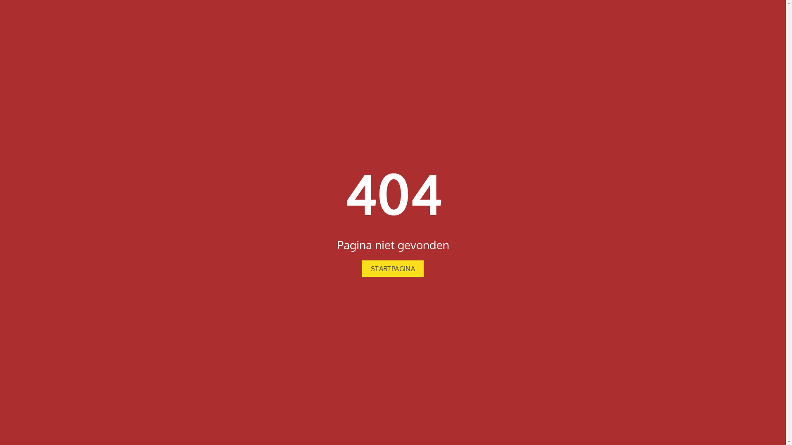 The width and height of the screenshot is (792, 445). Describe the element at coordinates (392, 268) in the screenshot. I see `'STARTPAGINA'` at that location.